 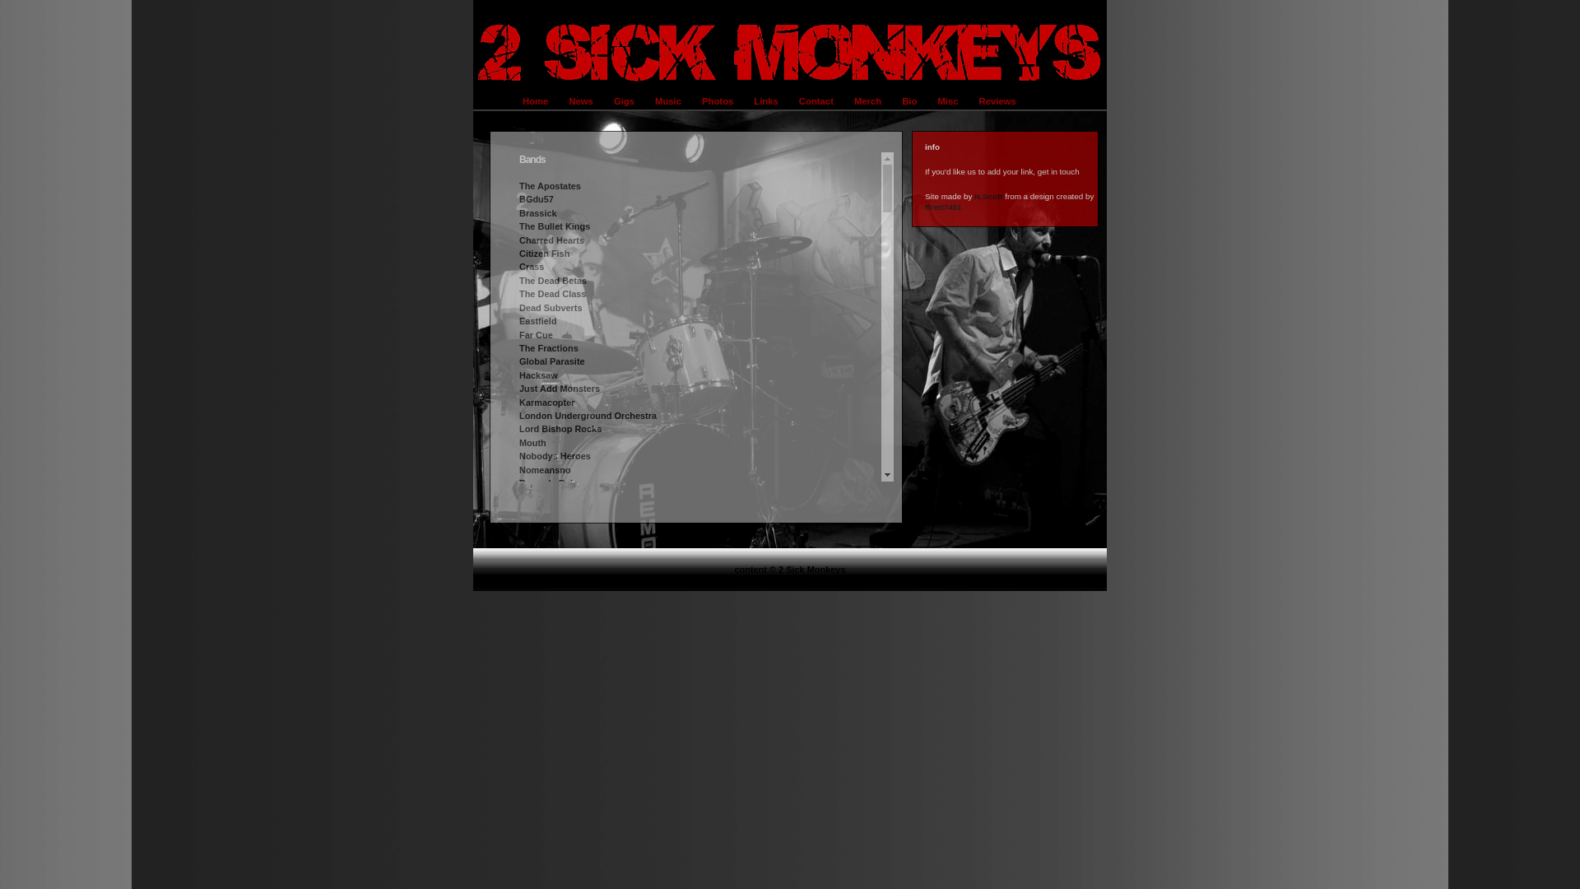 What do you see at coordinates (767, 100) in the screenshot?
I see `'Links'` at bounding box center [767, 100].